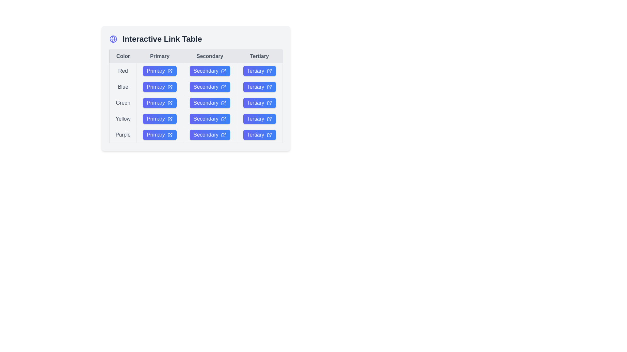 The height and width of the screenshot is (352, 627). I want to click on the button labeled 'Tertiary' located in the fourth row of the 'Interactive Link Table' for visual feedback, so click(259, 119).